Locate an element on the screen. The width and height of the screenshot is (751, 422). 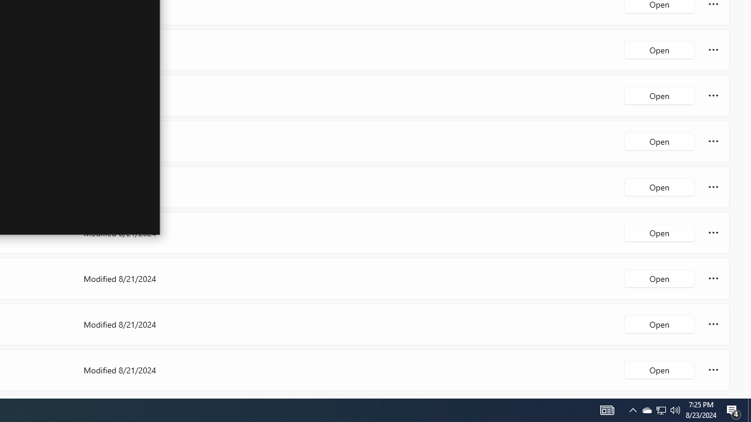
'AutomationID: 4105' is located at coordinates (632, 409).